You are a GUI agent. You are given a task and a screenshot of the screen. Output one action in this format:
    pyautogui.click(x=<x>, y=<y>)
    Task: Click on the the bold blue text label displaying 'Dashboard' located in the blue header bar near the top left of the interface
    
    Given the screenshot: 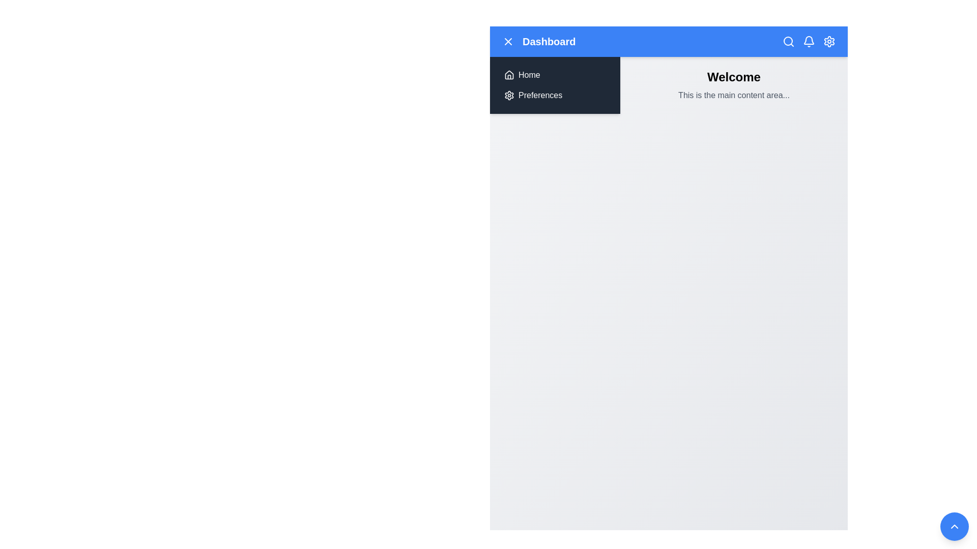 What is the action you would take?
    pyautogui.click(x=549, y=41)
    